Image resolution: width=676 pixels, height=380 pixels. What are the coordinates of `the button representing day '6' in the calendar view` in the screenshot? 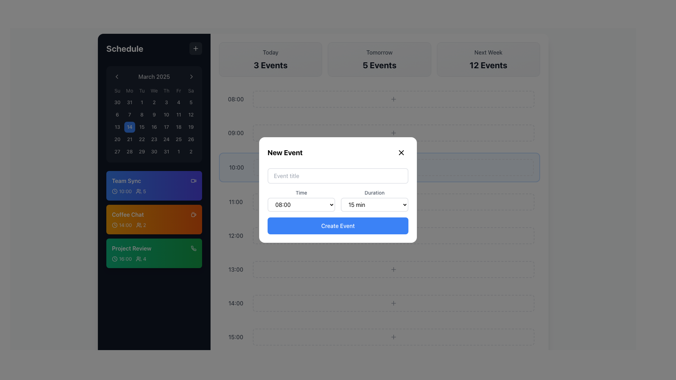 It's located at (117, 114).